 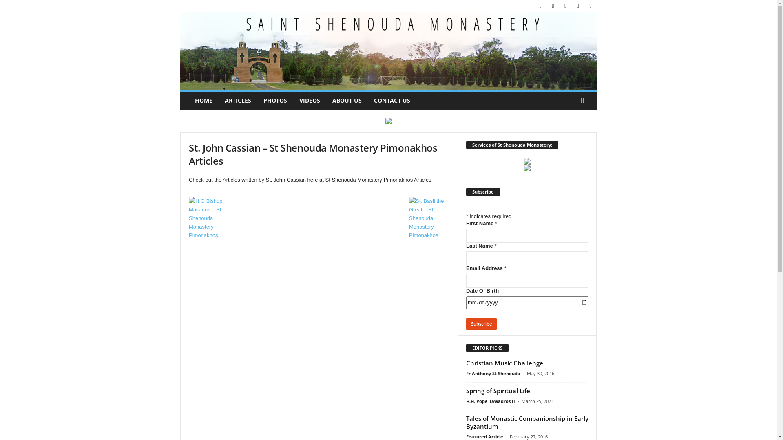 What do you see at coordinates (203, 100) in the screenshot?
I see `'HOME'` at bounding box center [203, 100].